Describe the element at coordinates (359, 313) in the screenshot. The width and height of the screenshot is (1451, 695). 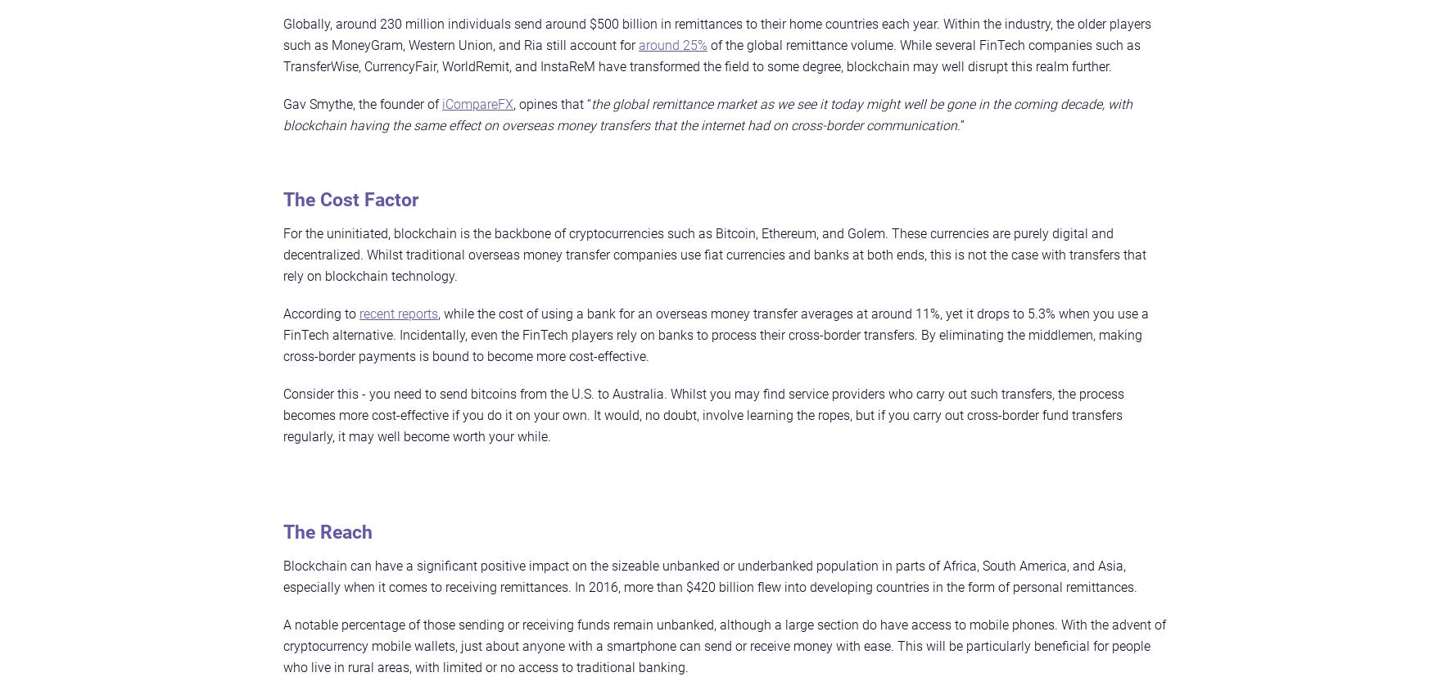
I see `'recent reports'` at that location.